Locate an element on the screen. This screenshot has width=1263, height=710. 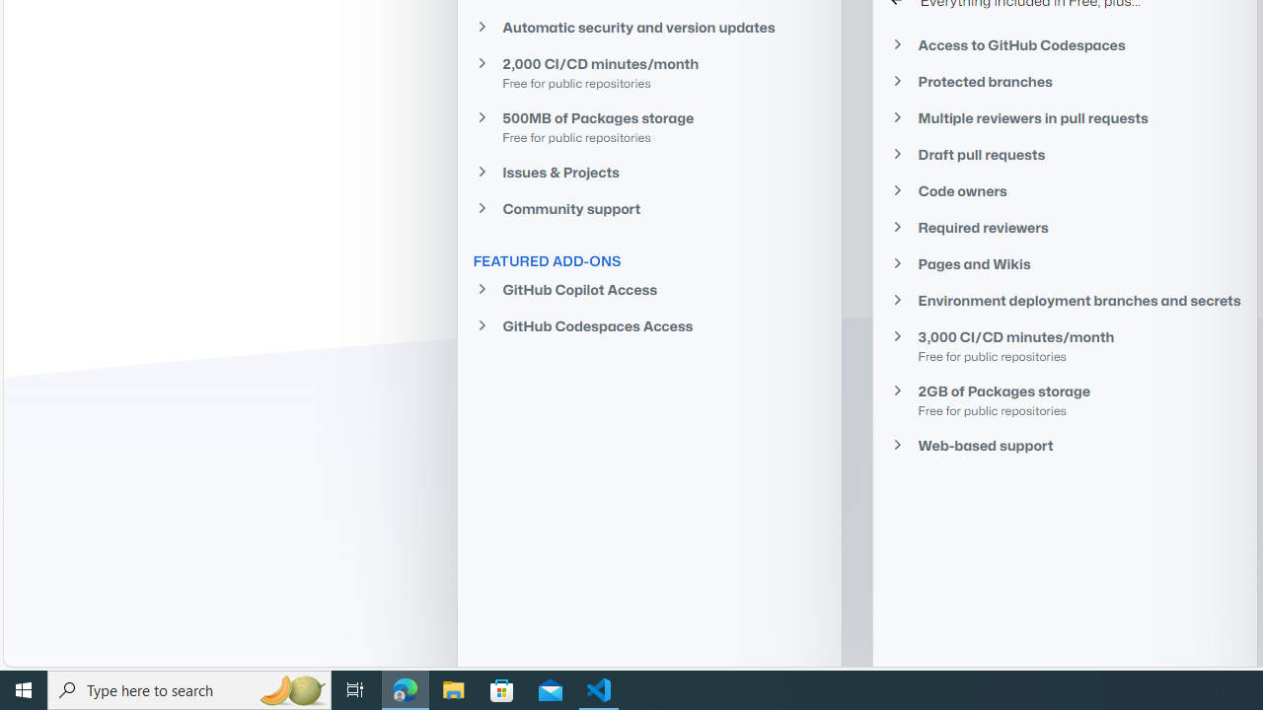
'Environment deployment branches and secrets' is located at coordinates (1064, 300).